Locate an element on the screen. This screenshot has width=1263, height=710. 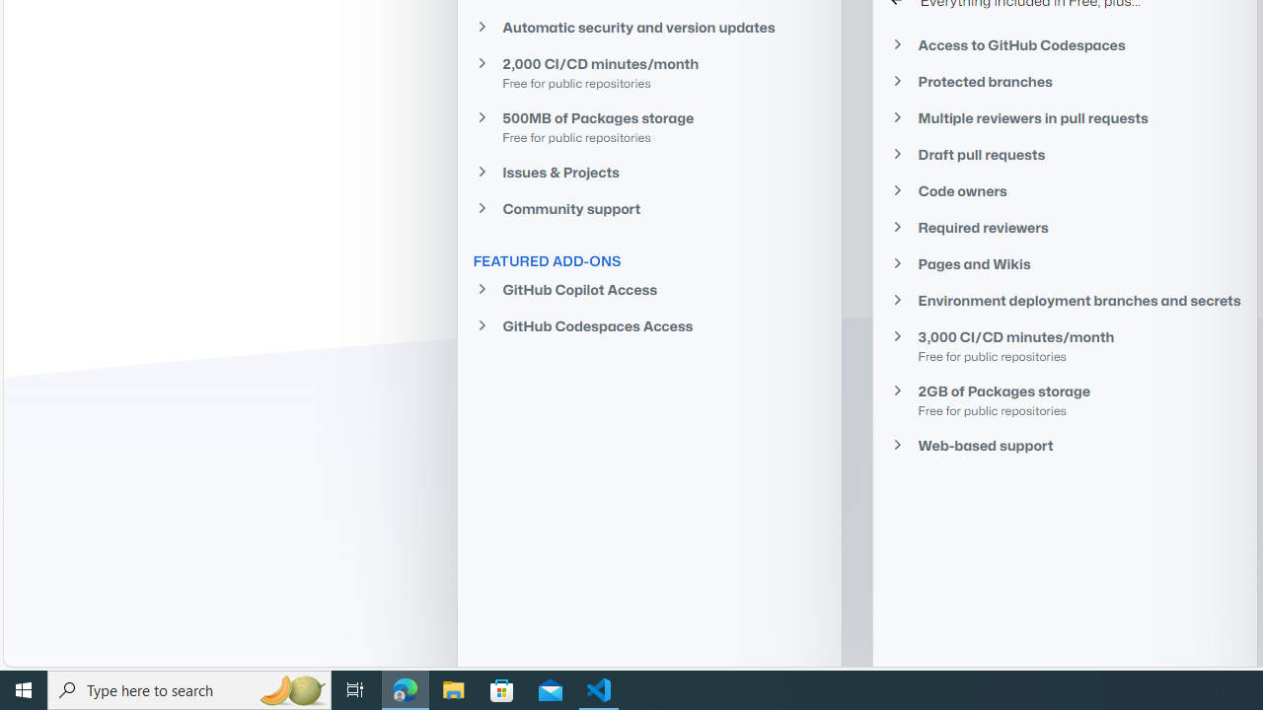
'Environment deployment branches and secrets' is located at coordinates (1064, 300).